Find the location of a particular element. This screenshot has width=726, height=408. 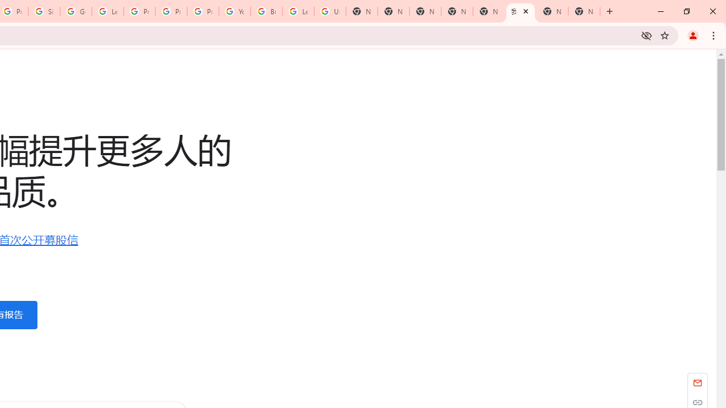

'Privacy Help Center - Policies Help' is located at coordinates (138, 11).